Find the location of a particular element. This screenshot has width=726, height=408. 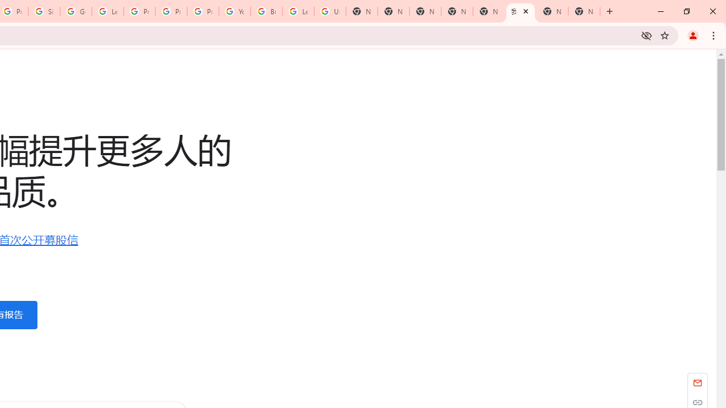

'Privacy Help Center - Policies Help' is located at coordinates (138, 11).